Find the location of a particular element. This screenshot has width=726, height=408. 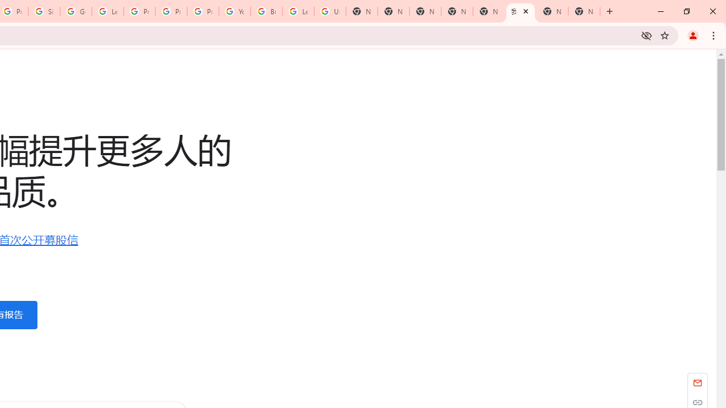

'Privacy Help Center - Policies Help' is located at coordinates (138, 11).